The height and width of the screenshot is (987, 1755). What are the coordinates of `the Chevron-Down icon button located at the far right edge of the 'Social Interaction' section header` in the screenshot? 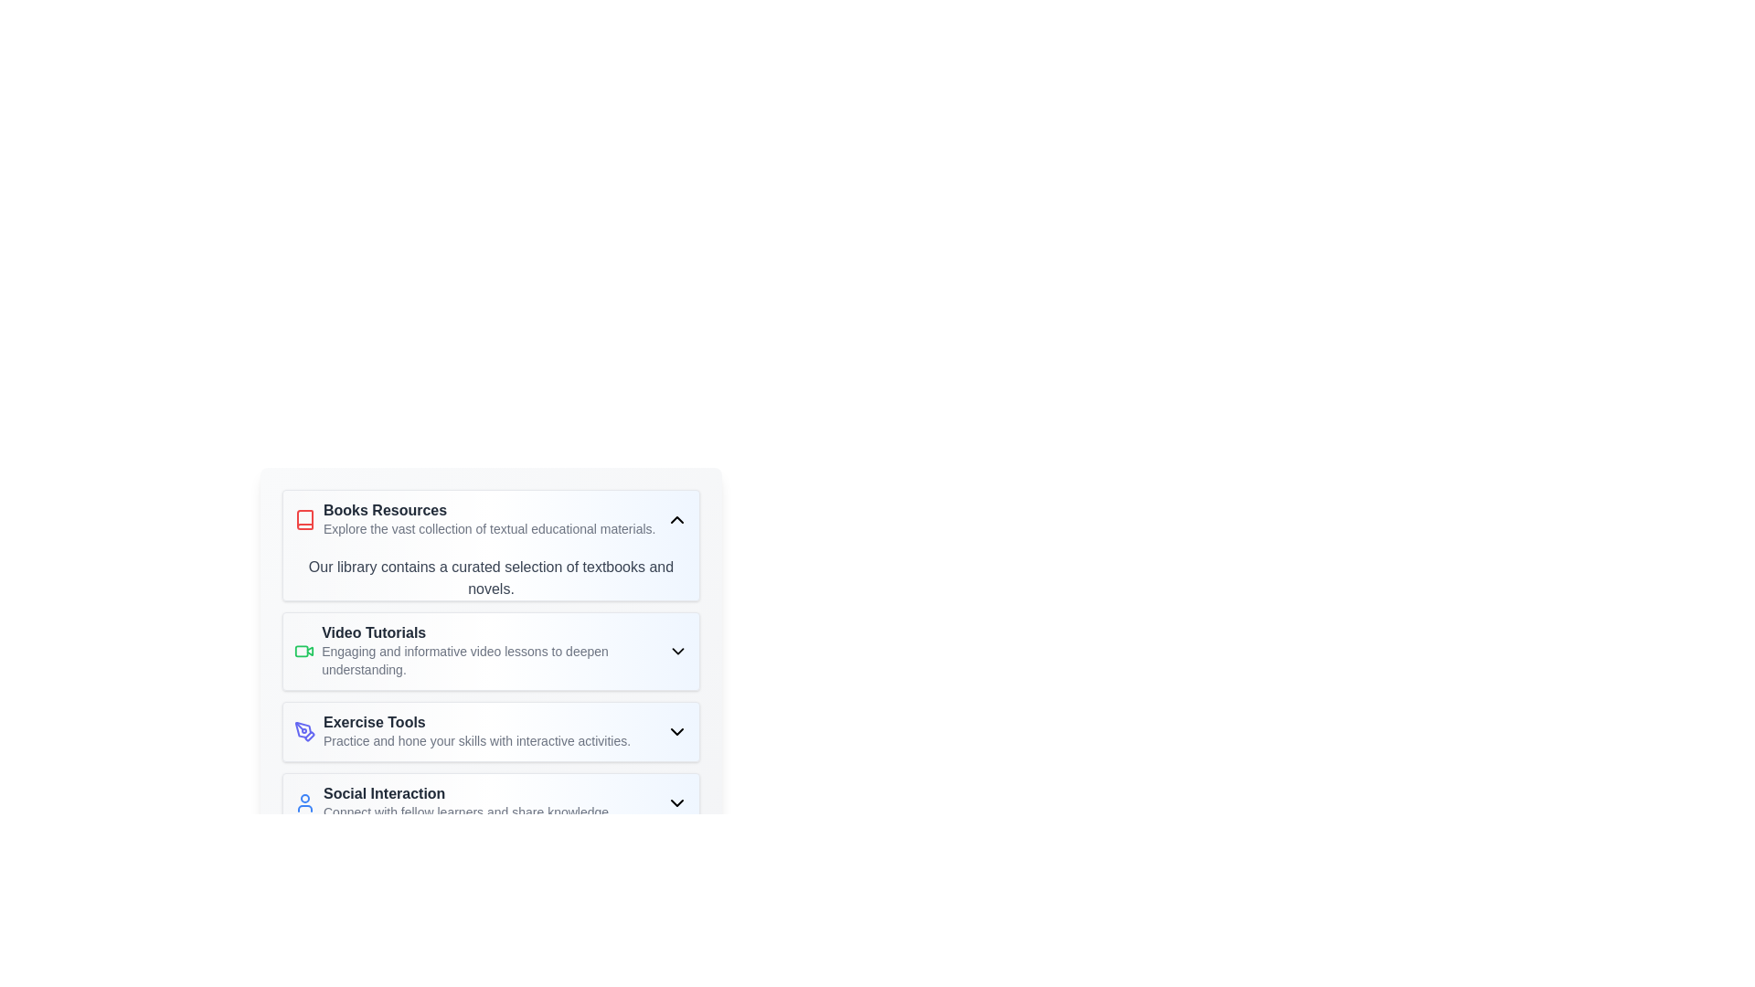 It's located at (675, 802).